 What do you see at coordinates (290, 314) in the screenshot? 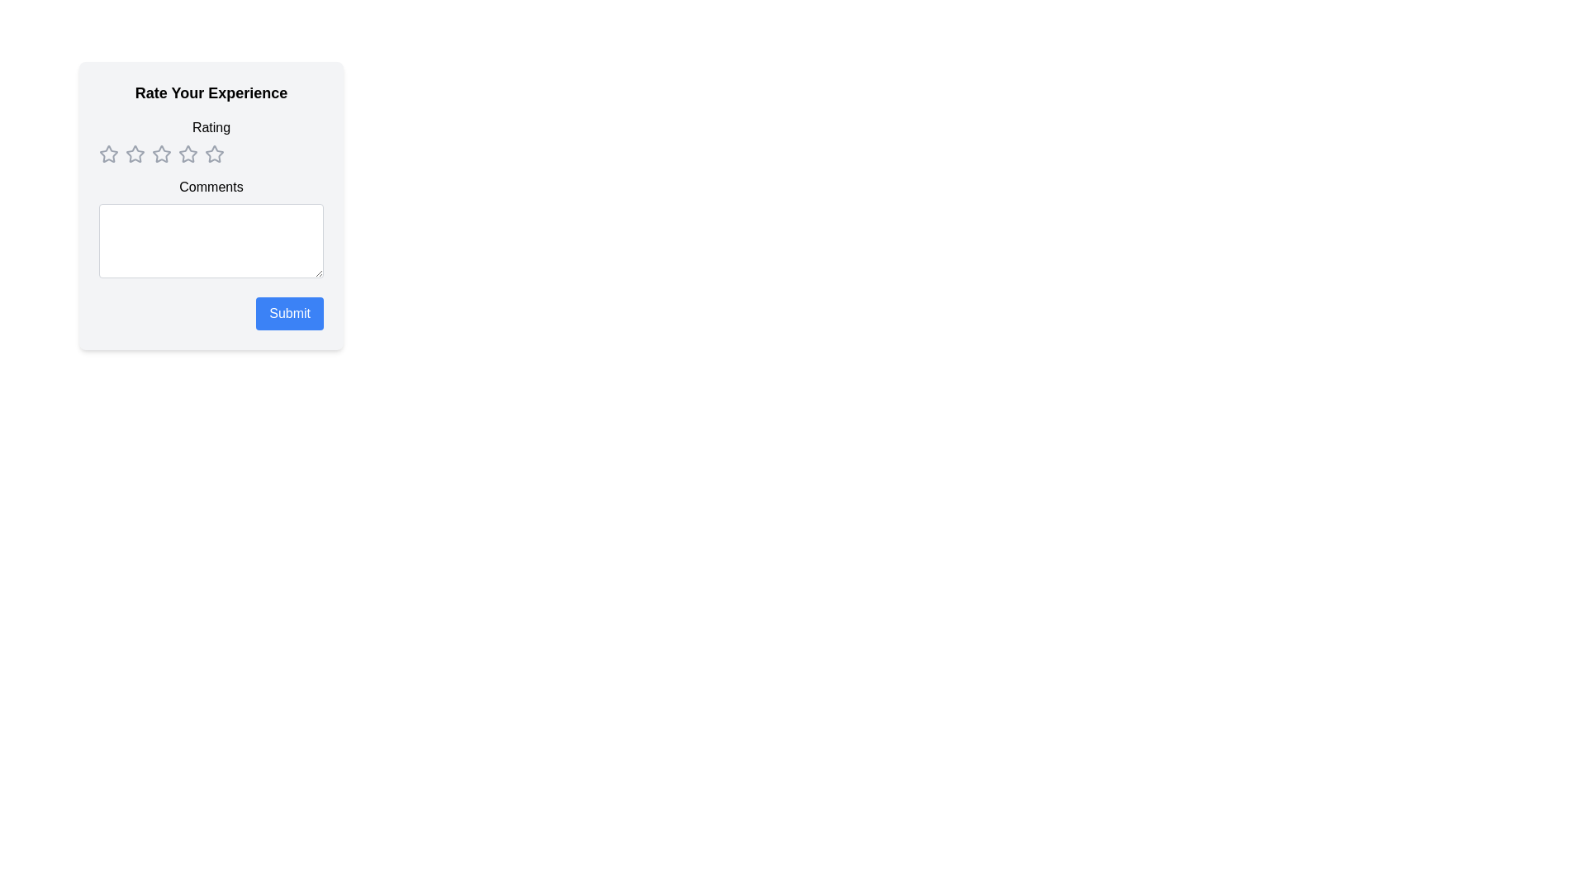
I see `the 'Submit' button located at the bottom-right corner of the 'Rate Your Experience' section` at bounding box center [290, 314].